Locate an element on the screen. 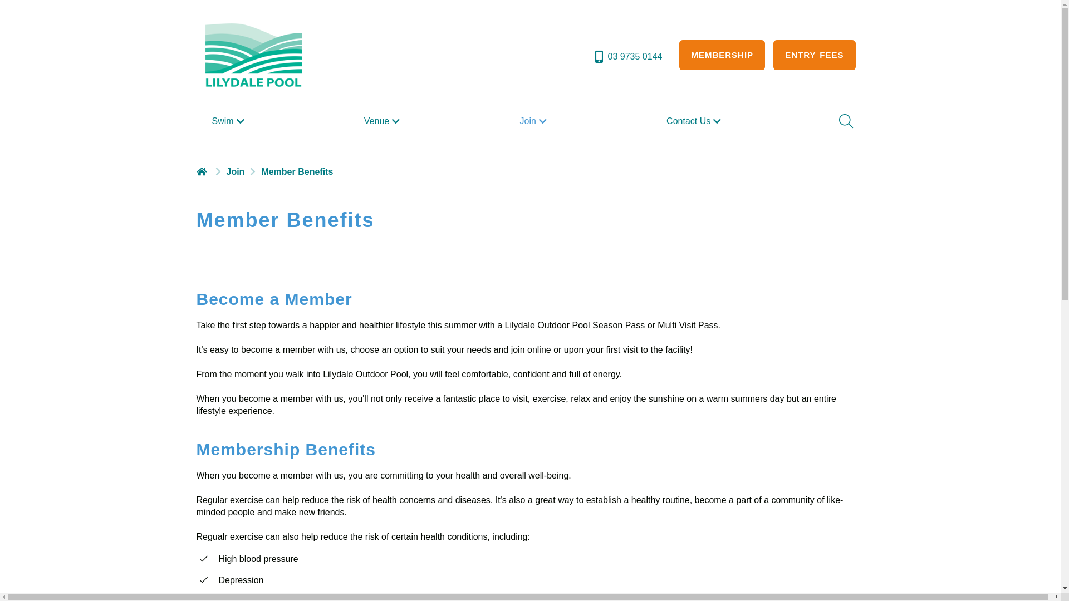 The image size is (1069, 601). 'Contact Us' is located at coordinates (662, 121).